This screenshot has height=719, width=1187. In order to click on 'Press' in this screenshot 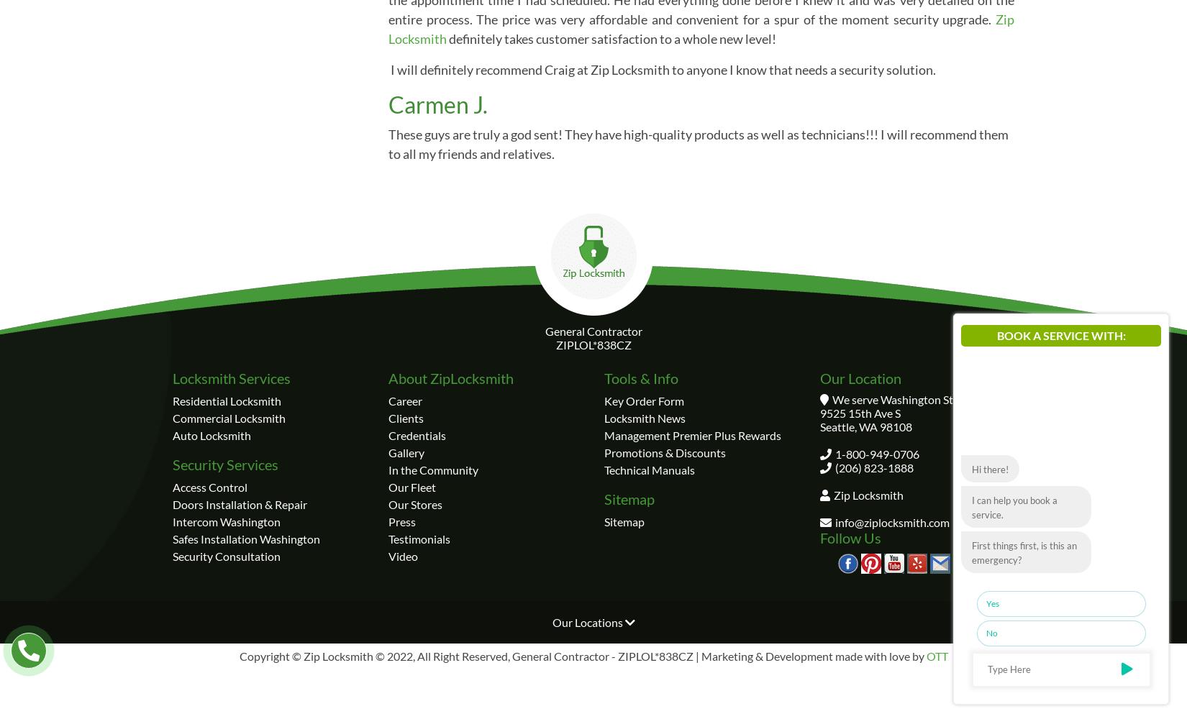, I will do `click(401, 520)`.